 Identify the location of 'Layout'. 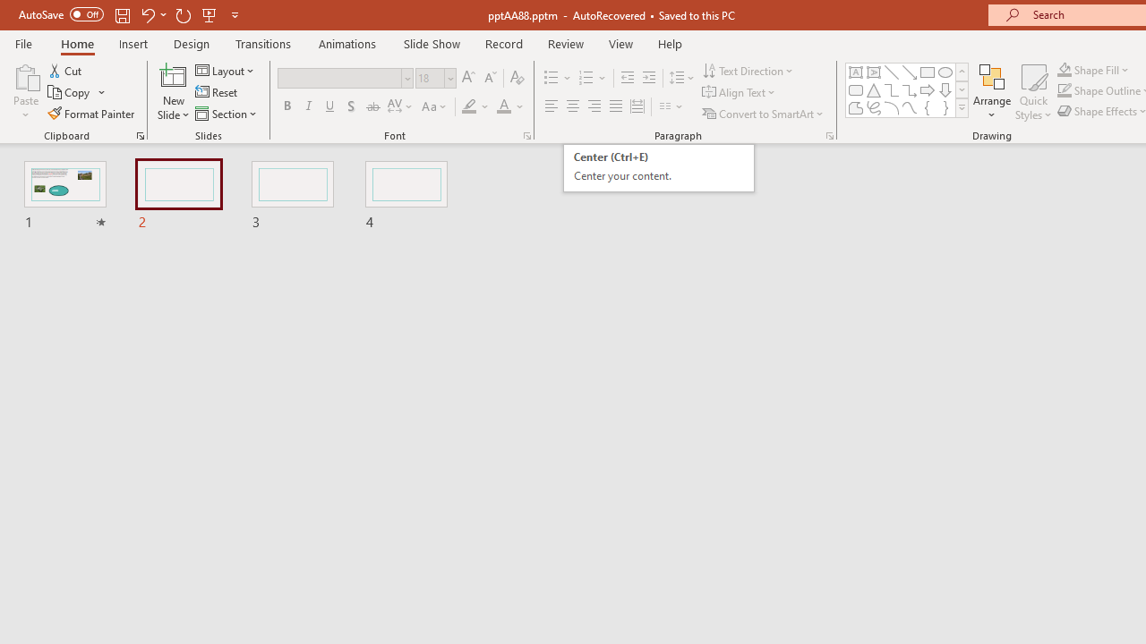
(225, 70).